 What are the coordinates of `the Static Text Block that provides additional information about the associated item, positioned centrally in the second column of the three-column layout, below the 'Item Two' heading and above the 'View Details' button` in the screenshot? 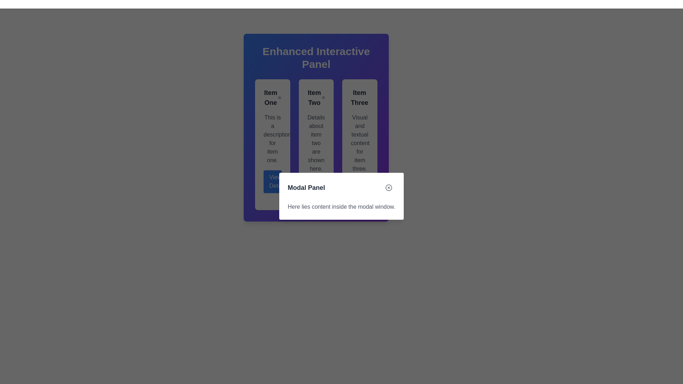 It's located at (316, 143).